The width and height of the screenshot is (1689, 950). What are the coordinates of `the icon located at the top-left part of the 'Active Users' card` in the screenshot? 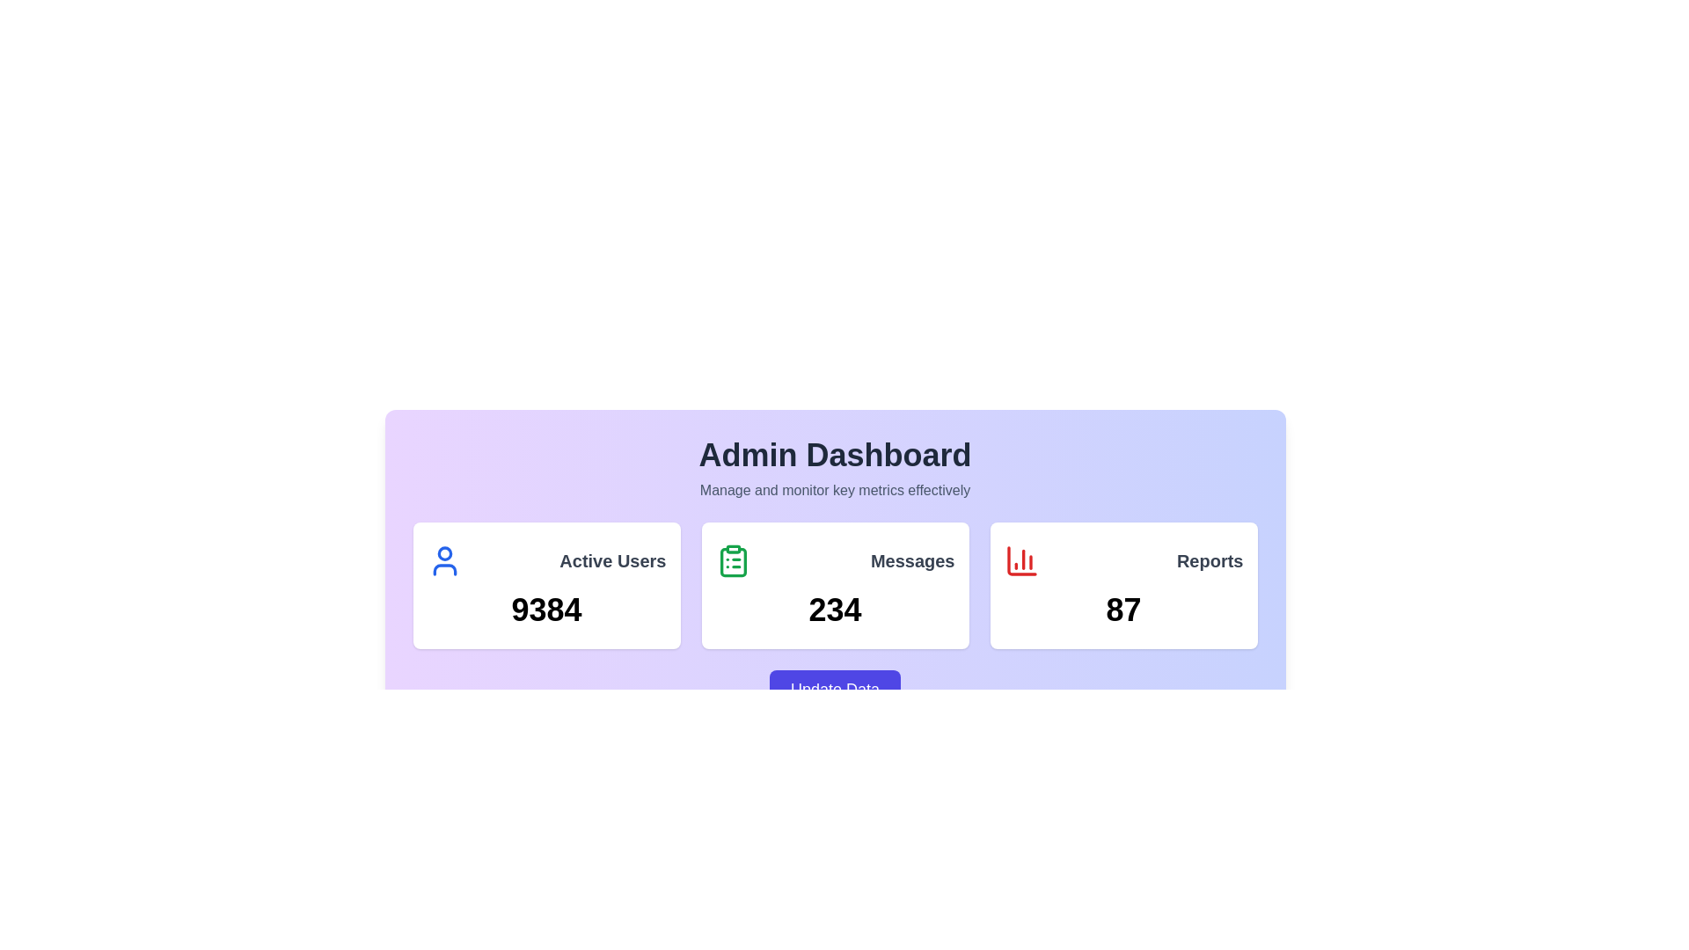 It's located at (444, 560).